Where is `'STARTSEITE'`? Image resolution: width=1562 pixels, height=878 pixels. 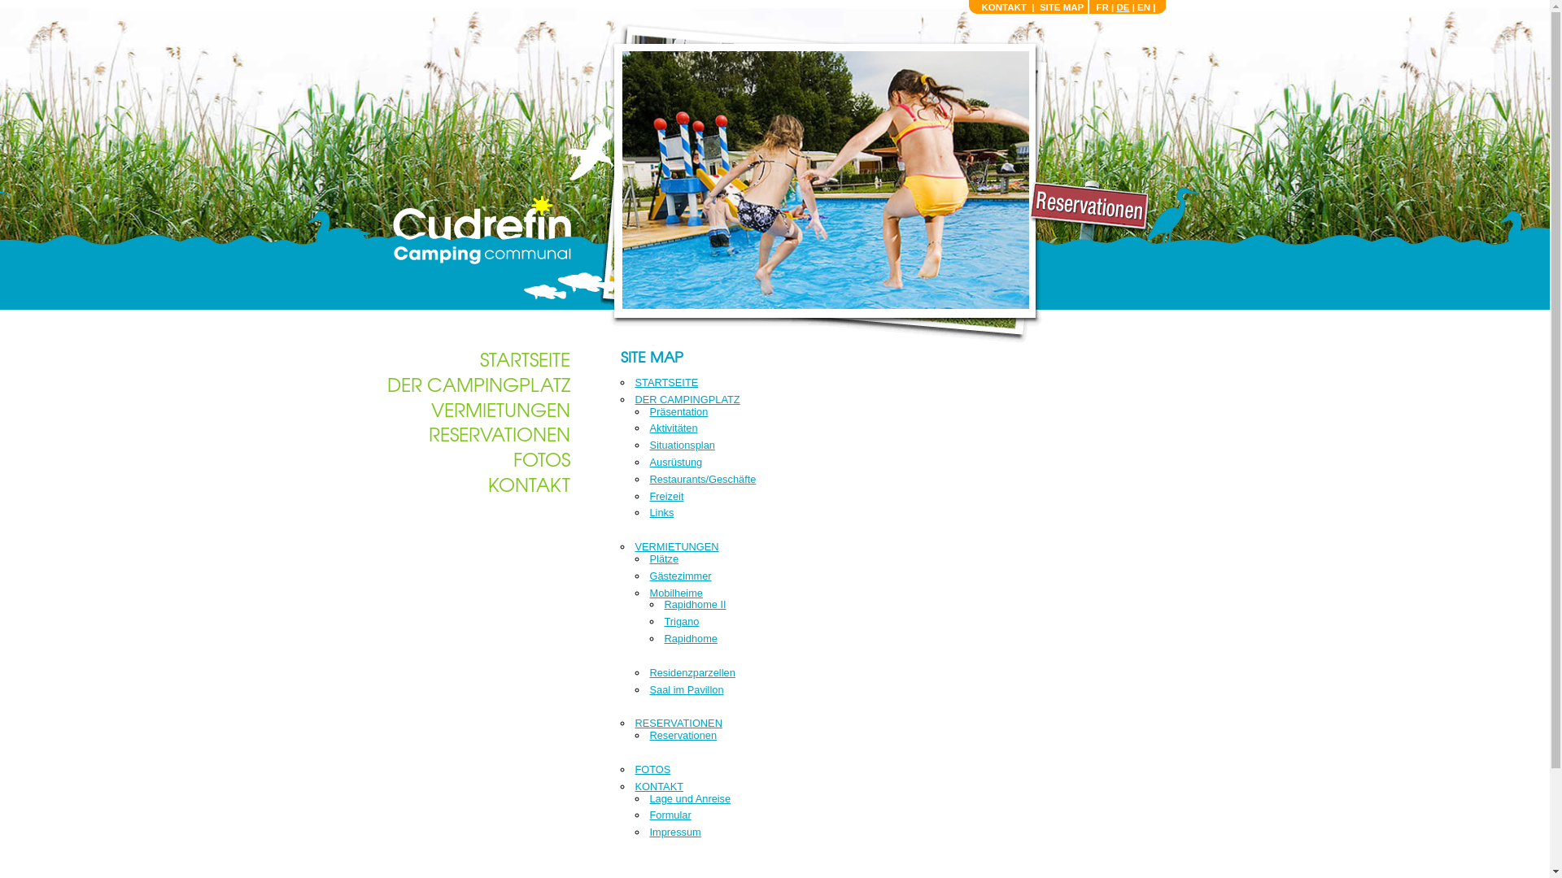
'STARTSEITE' is located at coordinates (525, 357).